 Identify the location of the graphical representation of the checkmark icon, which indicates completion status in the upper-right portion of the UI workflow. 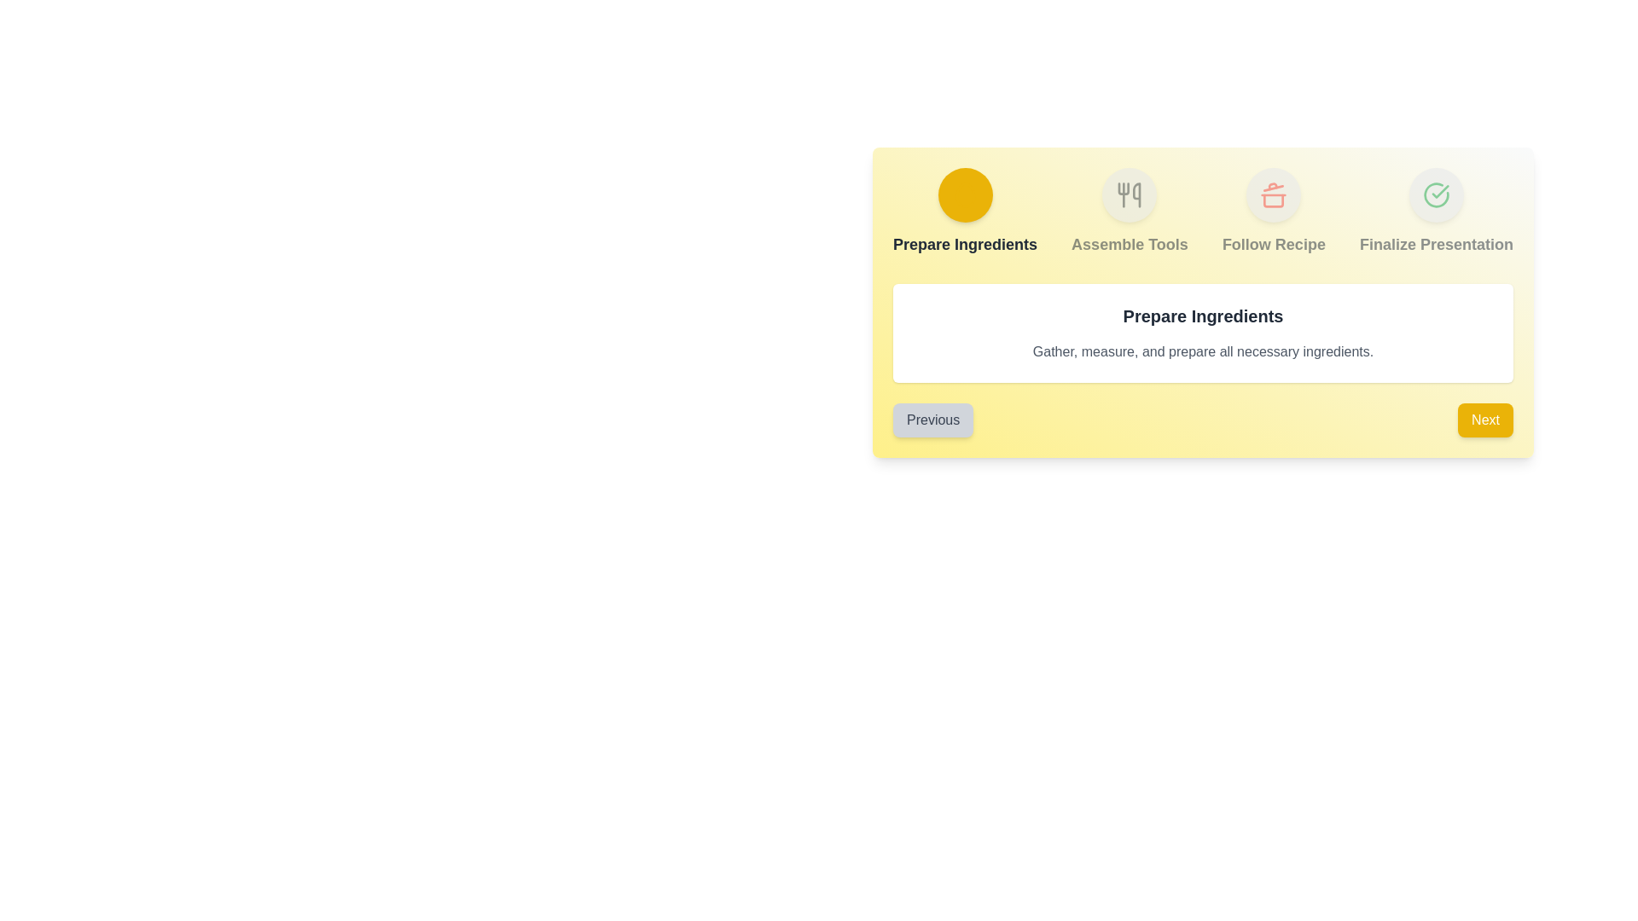
(1439, 191).